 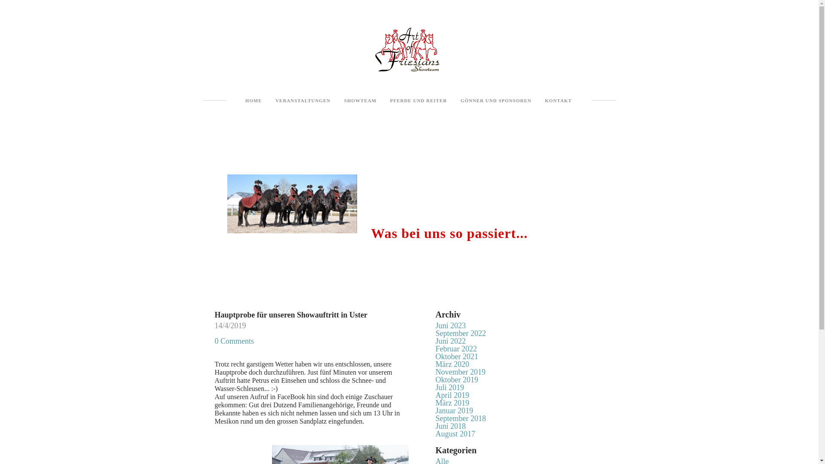 What do you see at coordinates (460, 333) in the screenshot?
I see `'September 2022'` at bounding box center [460, 333].